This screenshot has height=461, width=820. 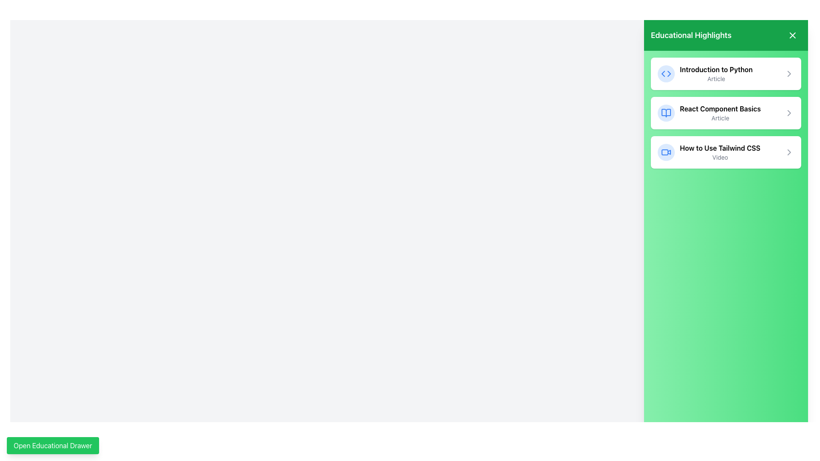 I want to click on the uppermost text label in the green side panel that indicates the subject of the educational highlights list, so click(x=716, y=69).